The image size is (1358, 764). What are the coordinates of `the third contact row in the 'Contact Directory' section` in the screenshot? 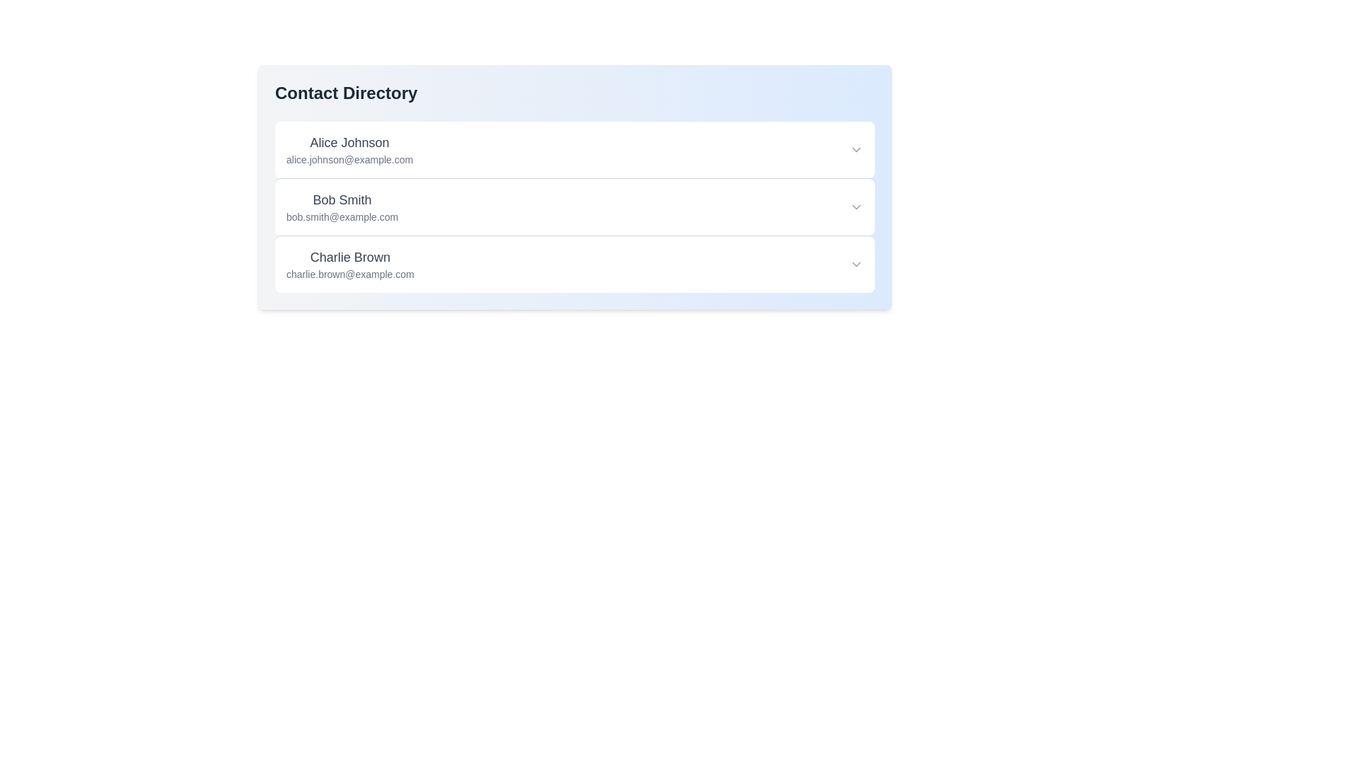 It's located at (574, 265).